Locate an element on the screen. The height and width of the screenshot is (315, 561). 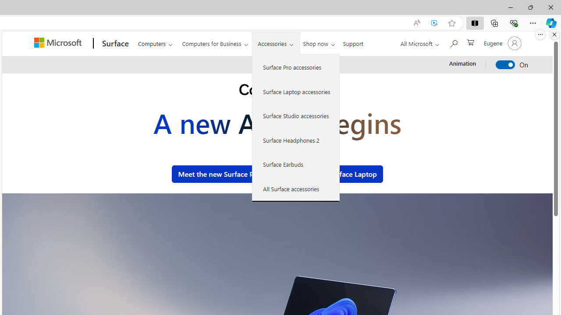
'Meet the new Surface Pro' is located at coordinates (219, 174).